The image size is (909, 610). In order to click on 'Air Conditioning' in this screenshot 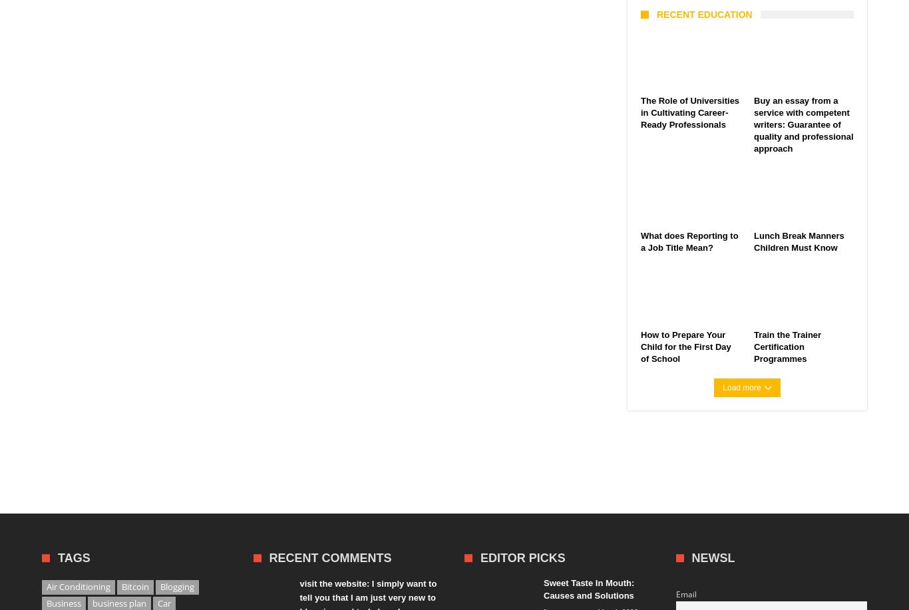, I will do `click(78, 585)`.